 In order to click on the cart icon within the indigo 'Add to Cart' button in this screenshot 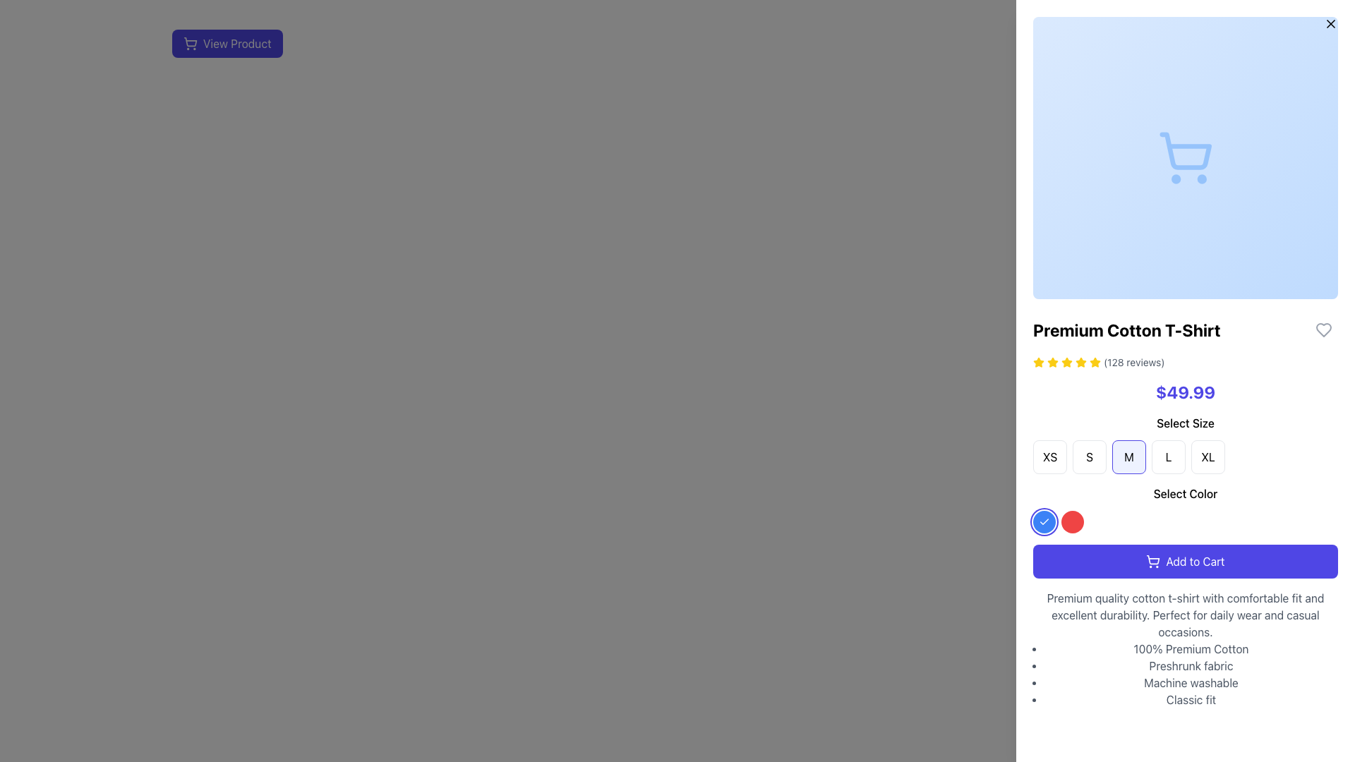, I will do `click(1153, 560)`.